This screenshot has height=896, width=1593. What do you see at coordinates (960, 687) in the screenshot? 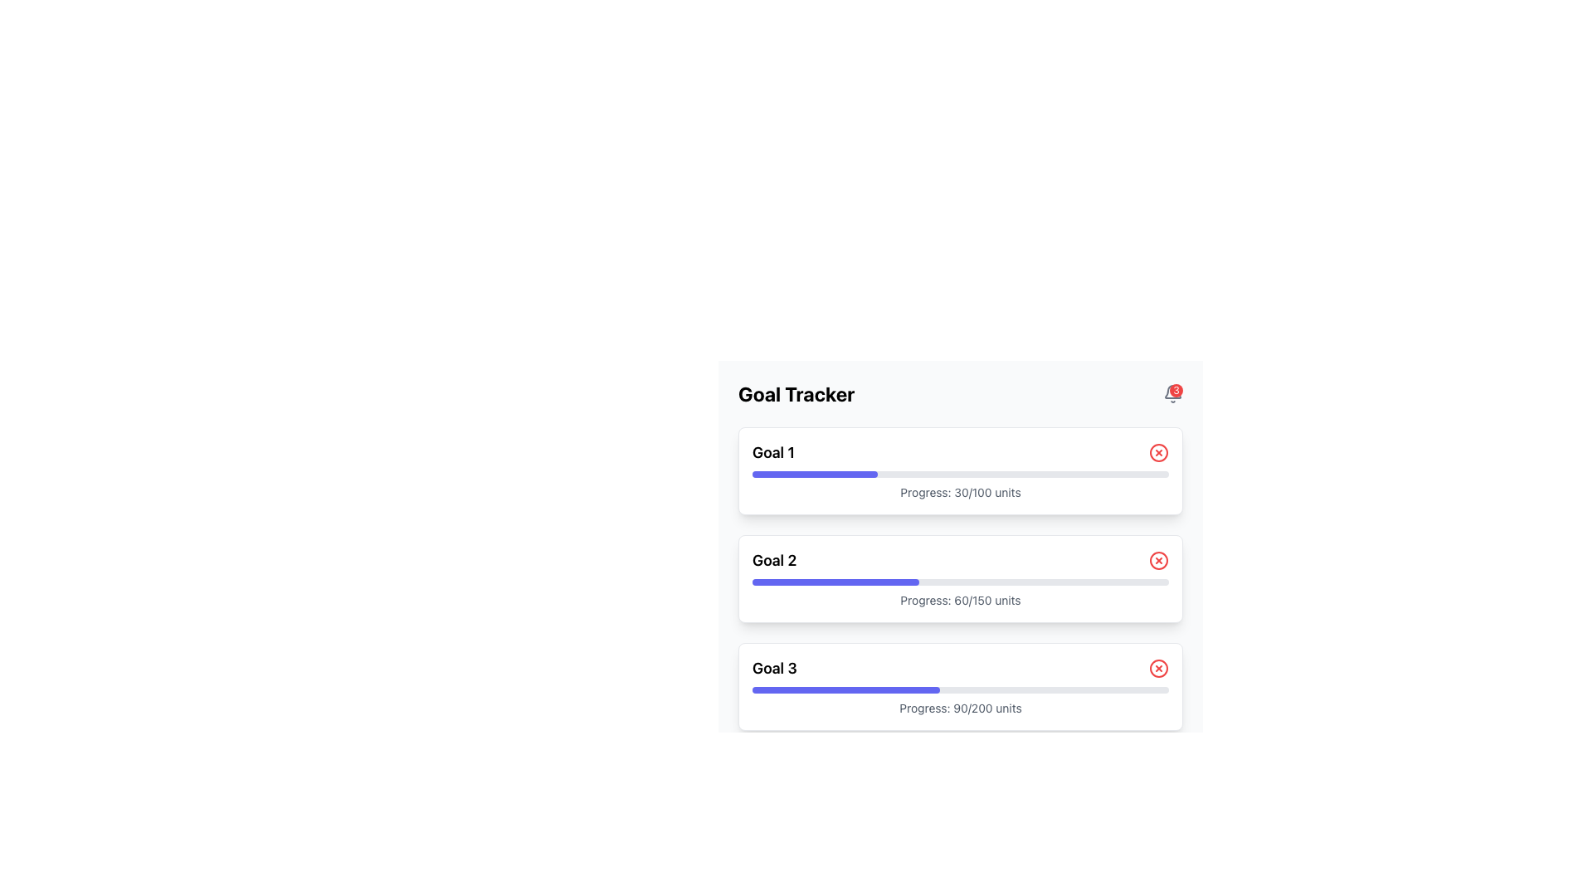
I see `the details of the goal represented by the third card labeled 'Goal 3' in the vertical list under the 'Goal Tracker' title` at bounding box center [960, 687].